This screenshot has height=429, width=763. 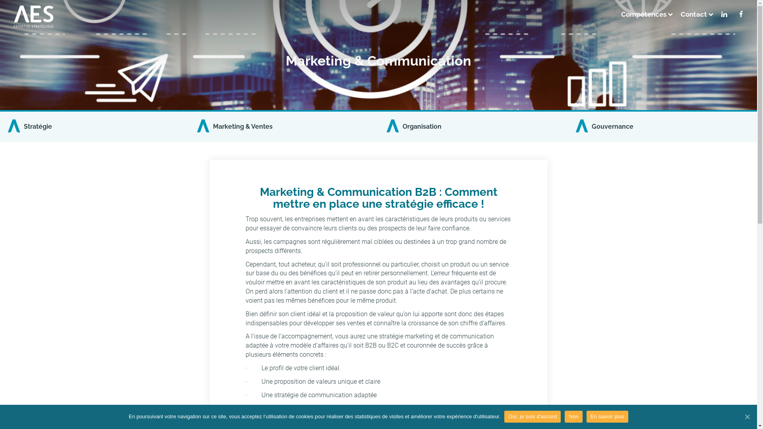 What do you see at coordinates (741, 12) in the screenshot?
I see `'<i class="fa fa-facebook"></i>'` at bounding box center [741, 12].